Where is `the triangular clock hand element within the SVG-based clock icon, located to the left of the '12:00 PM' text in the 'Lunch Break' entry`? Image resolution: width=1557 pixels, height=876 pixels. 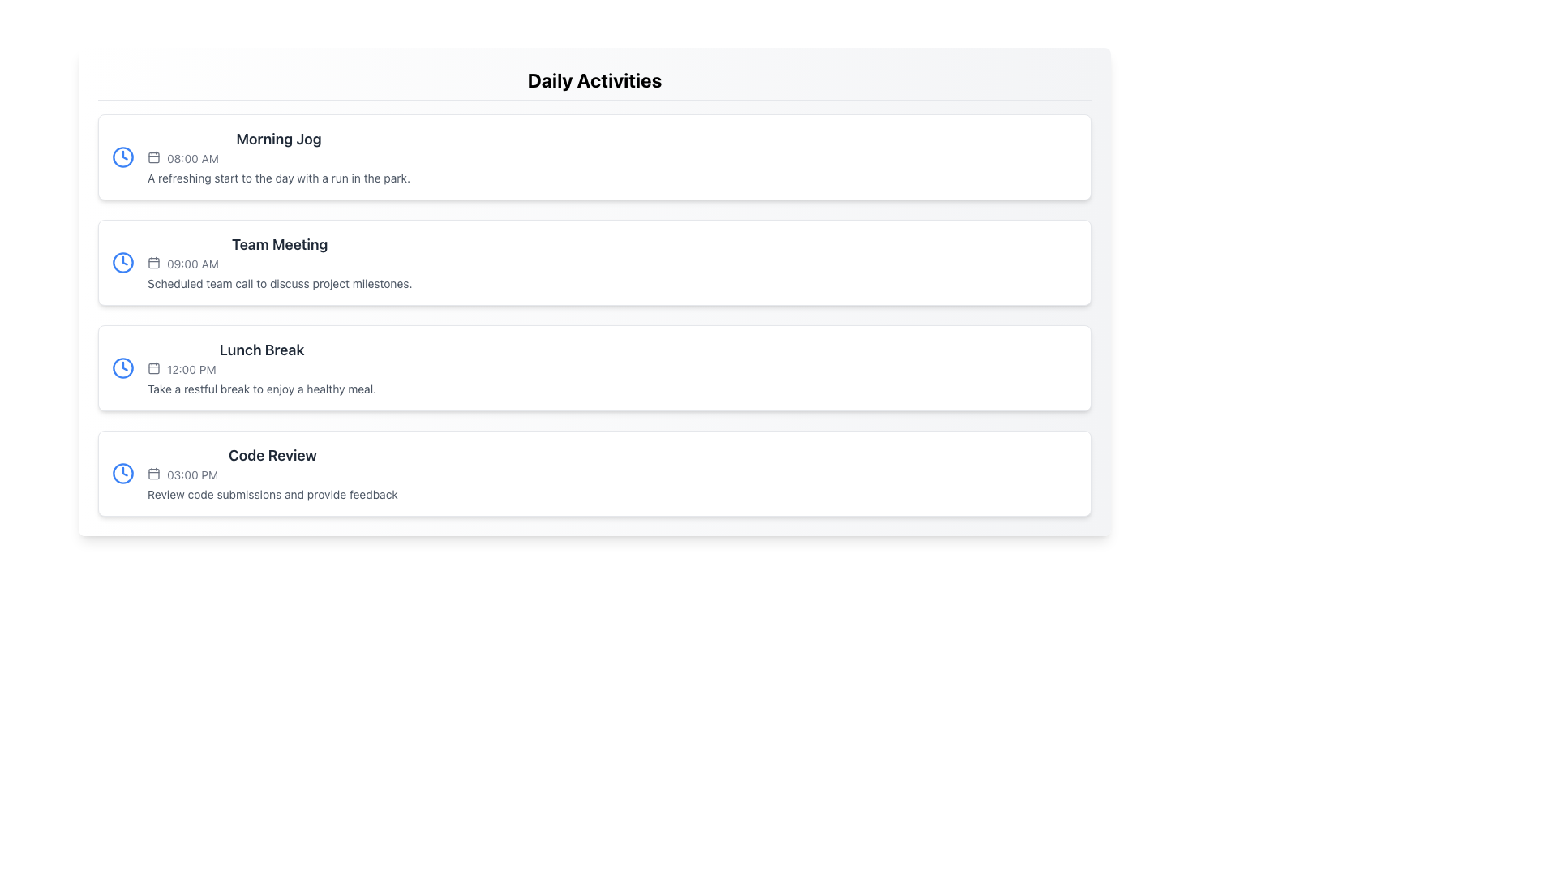
the triangular clock hand element within the SVG-based clock icon, located to the left of the '12:00 PM' text in the 'Lunch Break' entry is located at coordinates (124, 366).